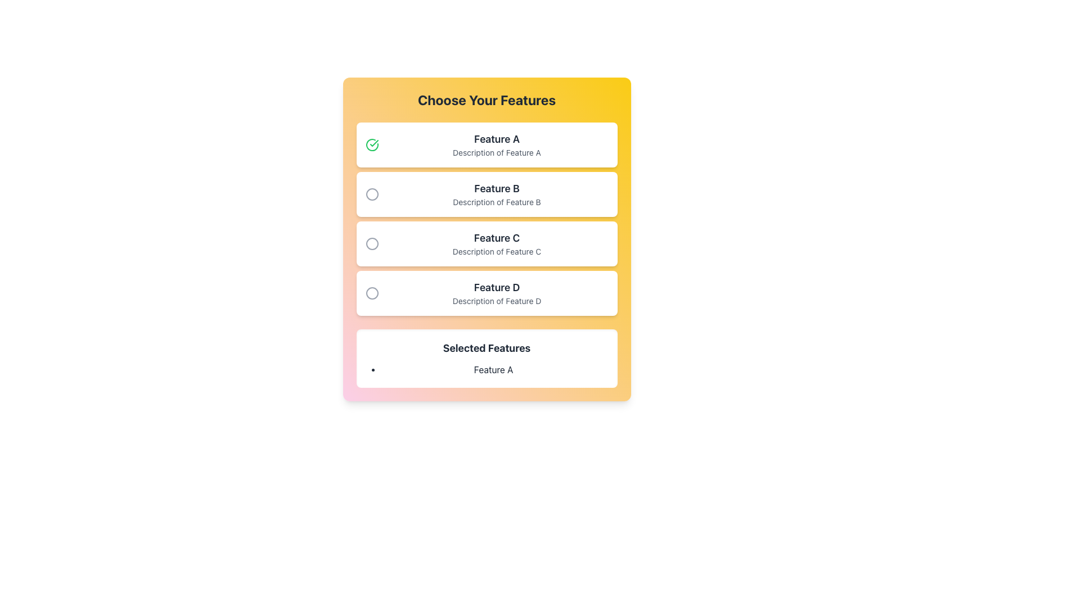  I want to click on the unselected radio button for 'Feature D', so click(372, 292).